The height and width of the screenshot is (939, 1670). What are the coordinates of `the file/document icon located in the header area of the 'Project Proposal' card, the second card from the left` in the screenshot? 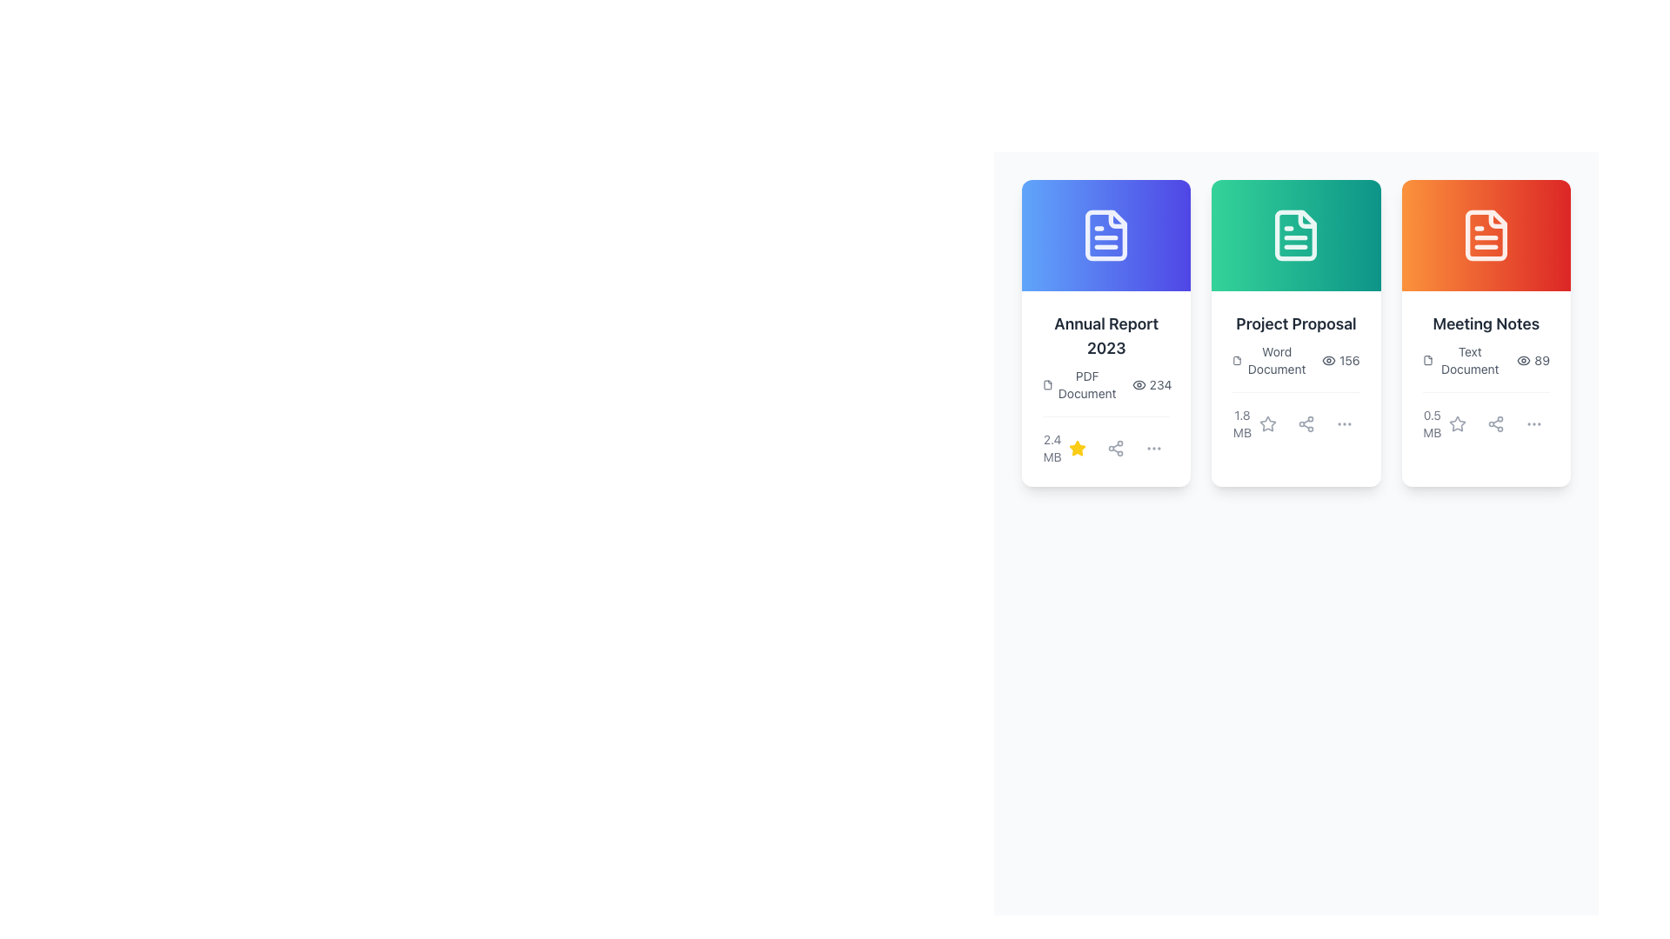 It's located at (1236, 360).